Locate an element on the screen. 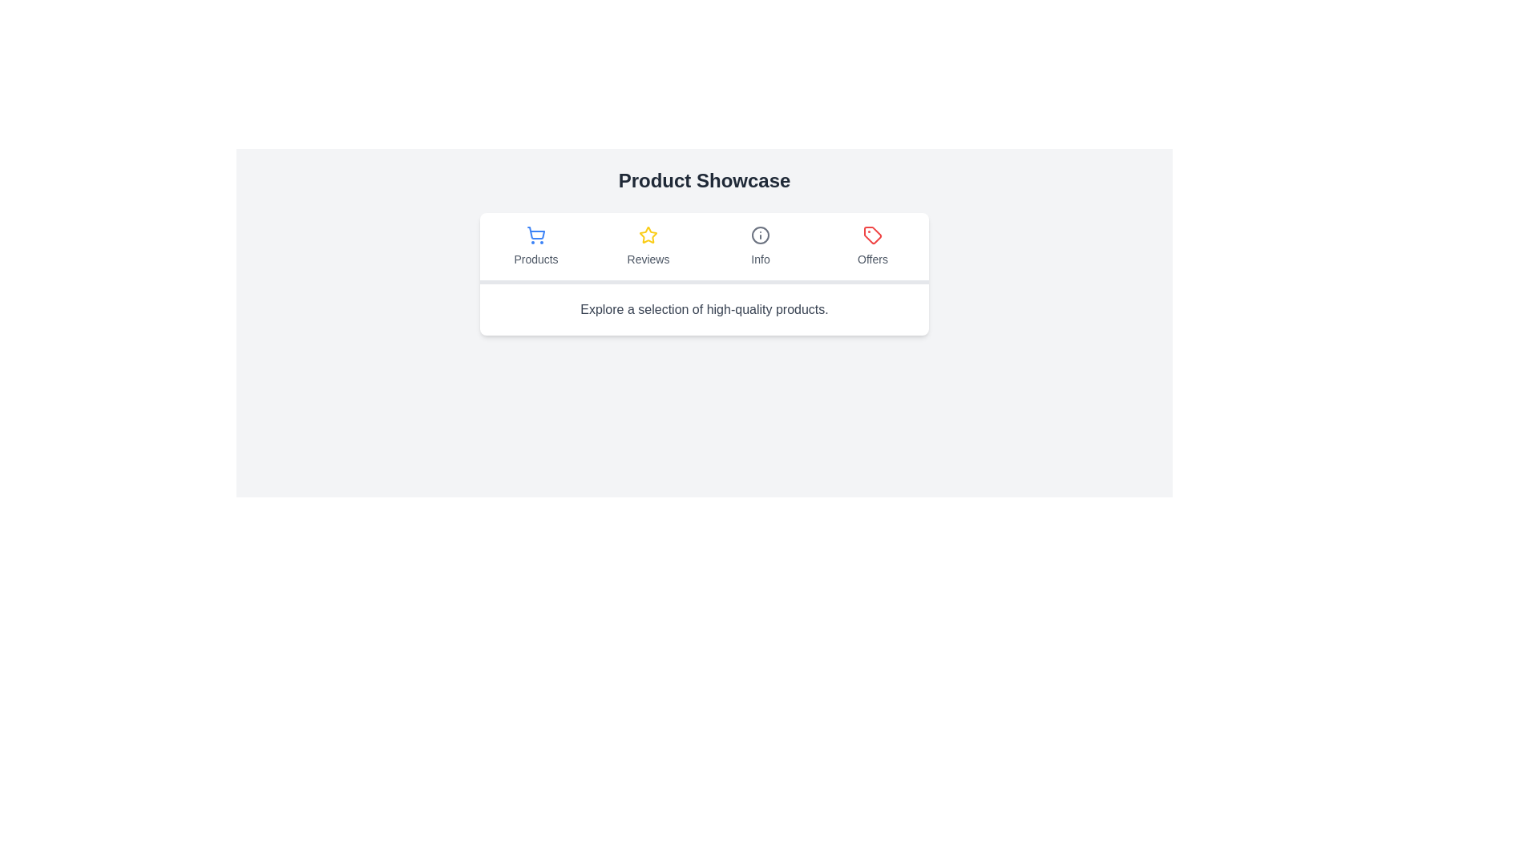 Image resolution: width=1539 pixels, height=865 pixels. the 'Info' text label, which is displayed in a neutral gray color and located below the 'Info' icon in the third tab of the navigation bar is located at coordinates (760, 259).